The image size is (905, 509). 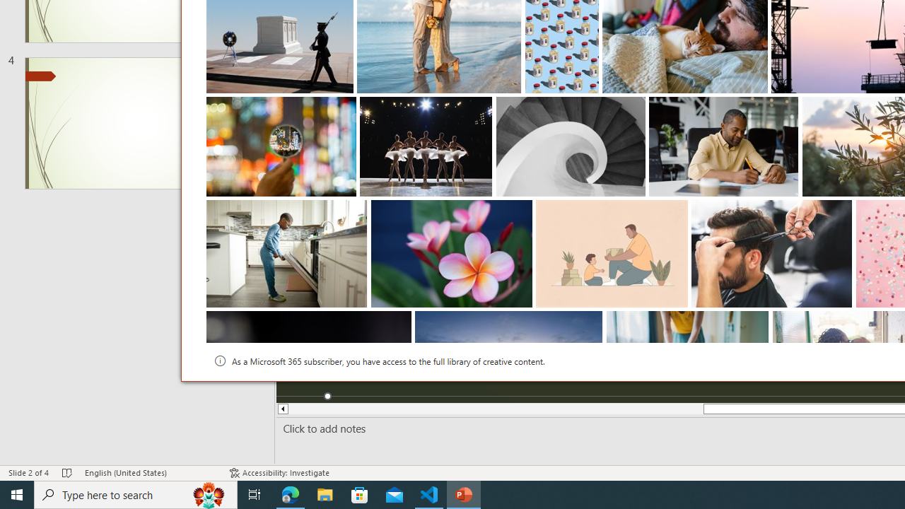 What do you see at coordinates (208, 493) in the screenshot?
I see `'Search highlights icon opens search home window'` at bounding box center [208, 493].